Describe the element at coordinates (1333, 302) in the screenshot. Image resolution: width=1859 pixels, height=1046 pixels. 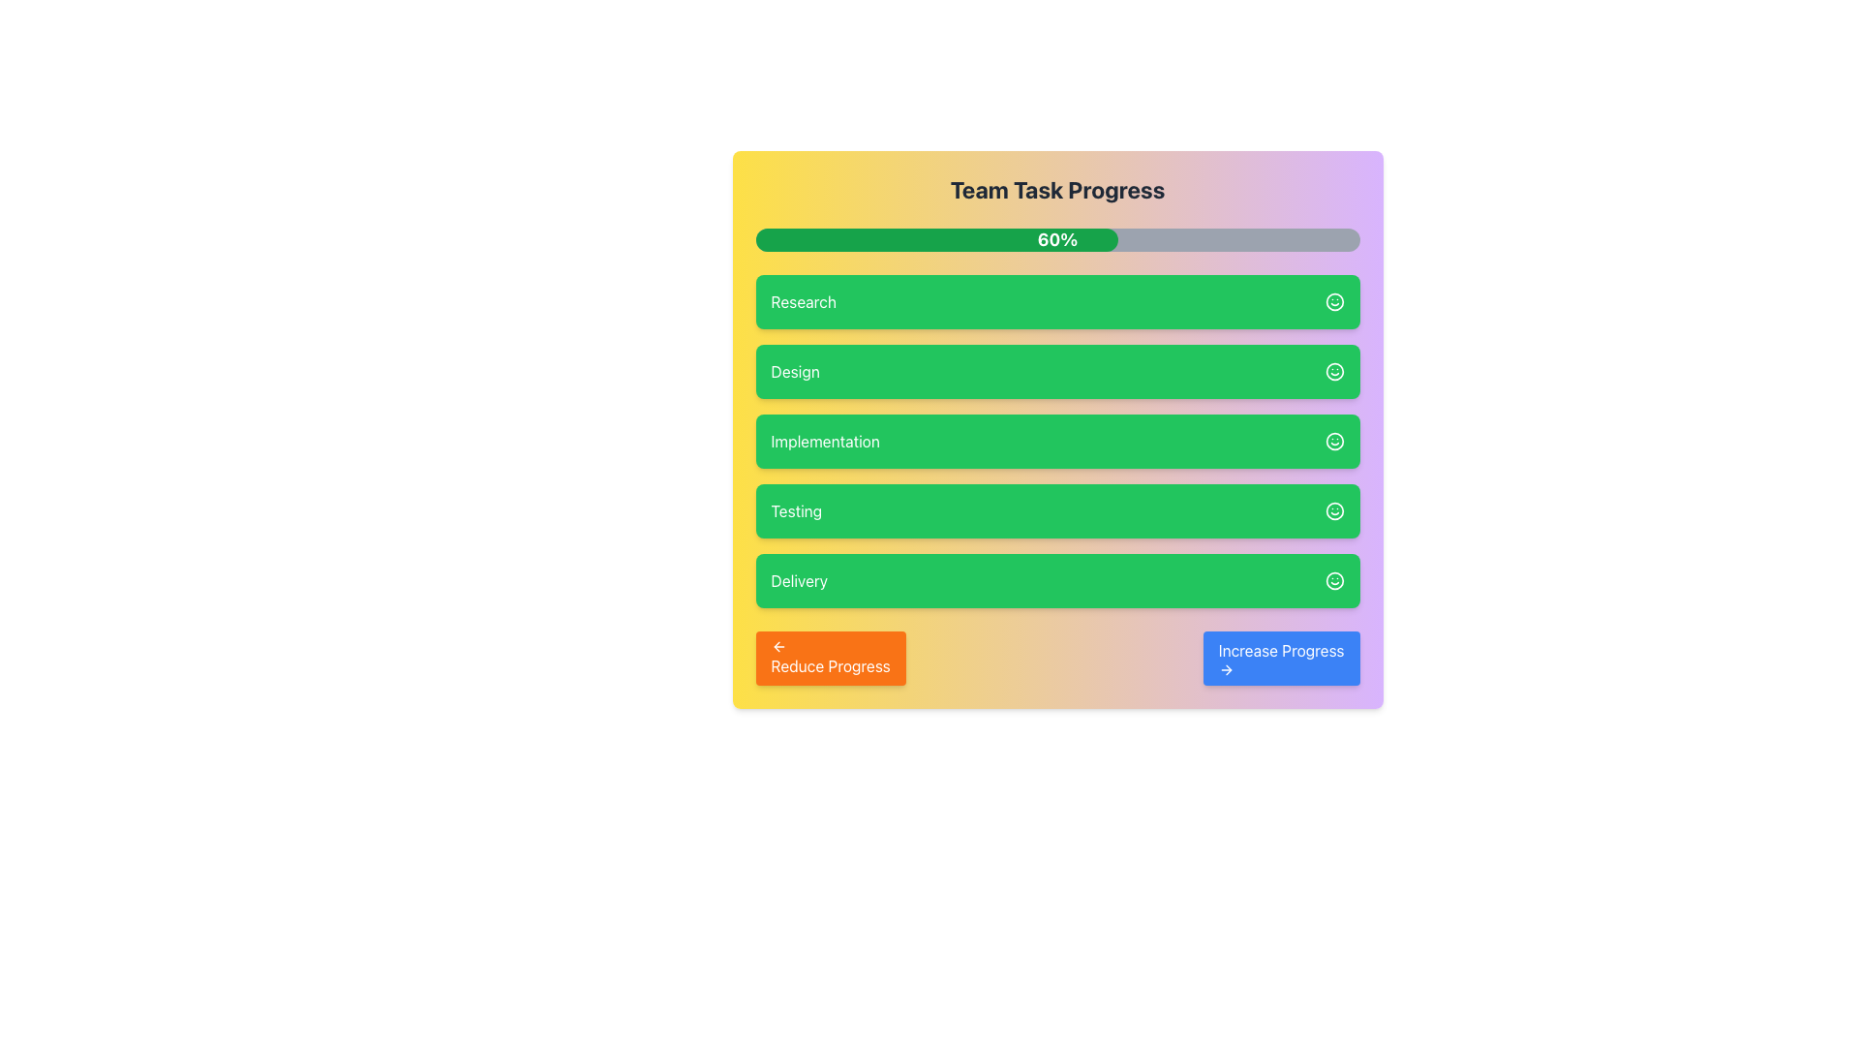
I see `the circular icon with a smiley face, located at the upper right corner of the 'Research' row within the 'Team Task Progress' section` at that location.